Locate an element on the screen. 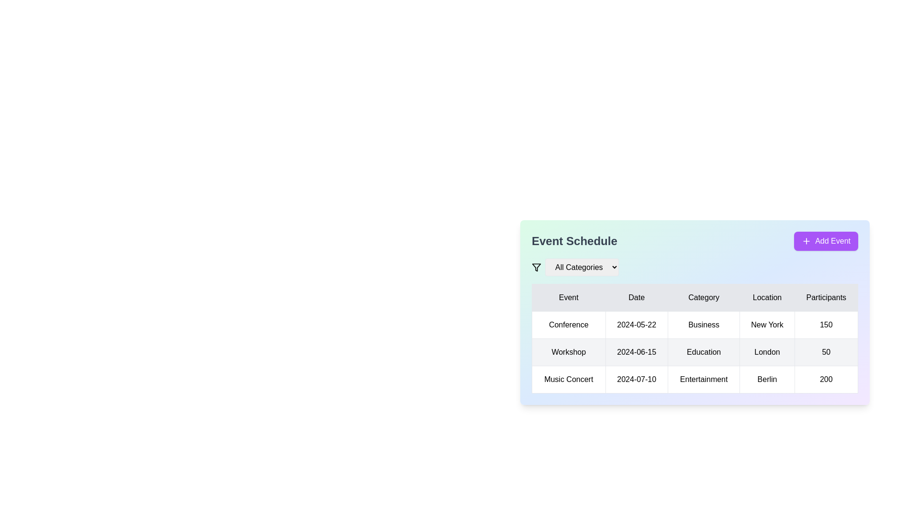  the table cell displaying the text 'Business' located in the third column of the first data row under the 'Category' header of the table in the 'Event Schedule' section is located at coordinates (695, 329).